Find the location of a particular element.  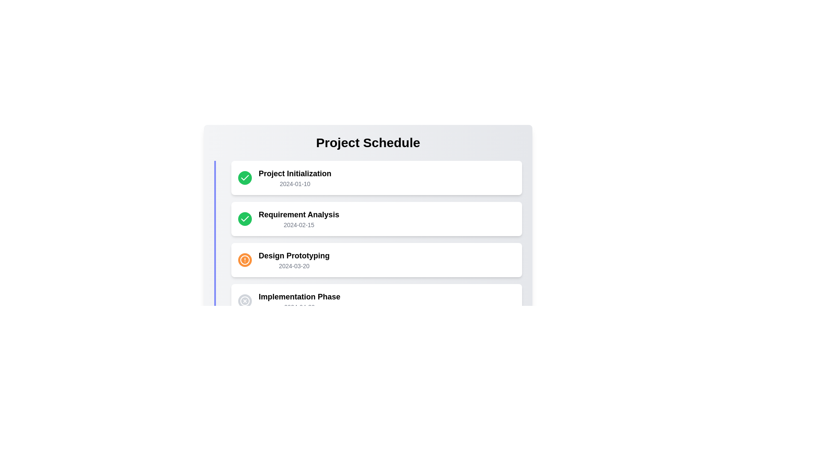

the Composite text element displaying 'Design Prototyping' within the card component, which is right-aligned with an orange circular icon to its left is located at coordinates (294, 260).